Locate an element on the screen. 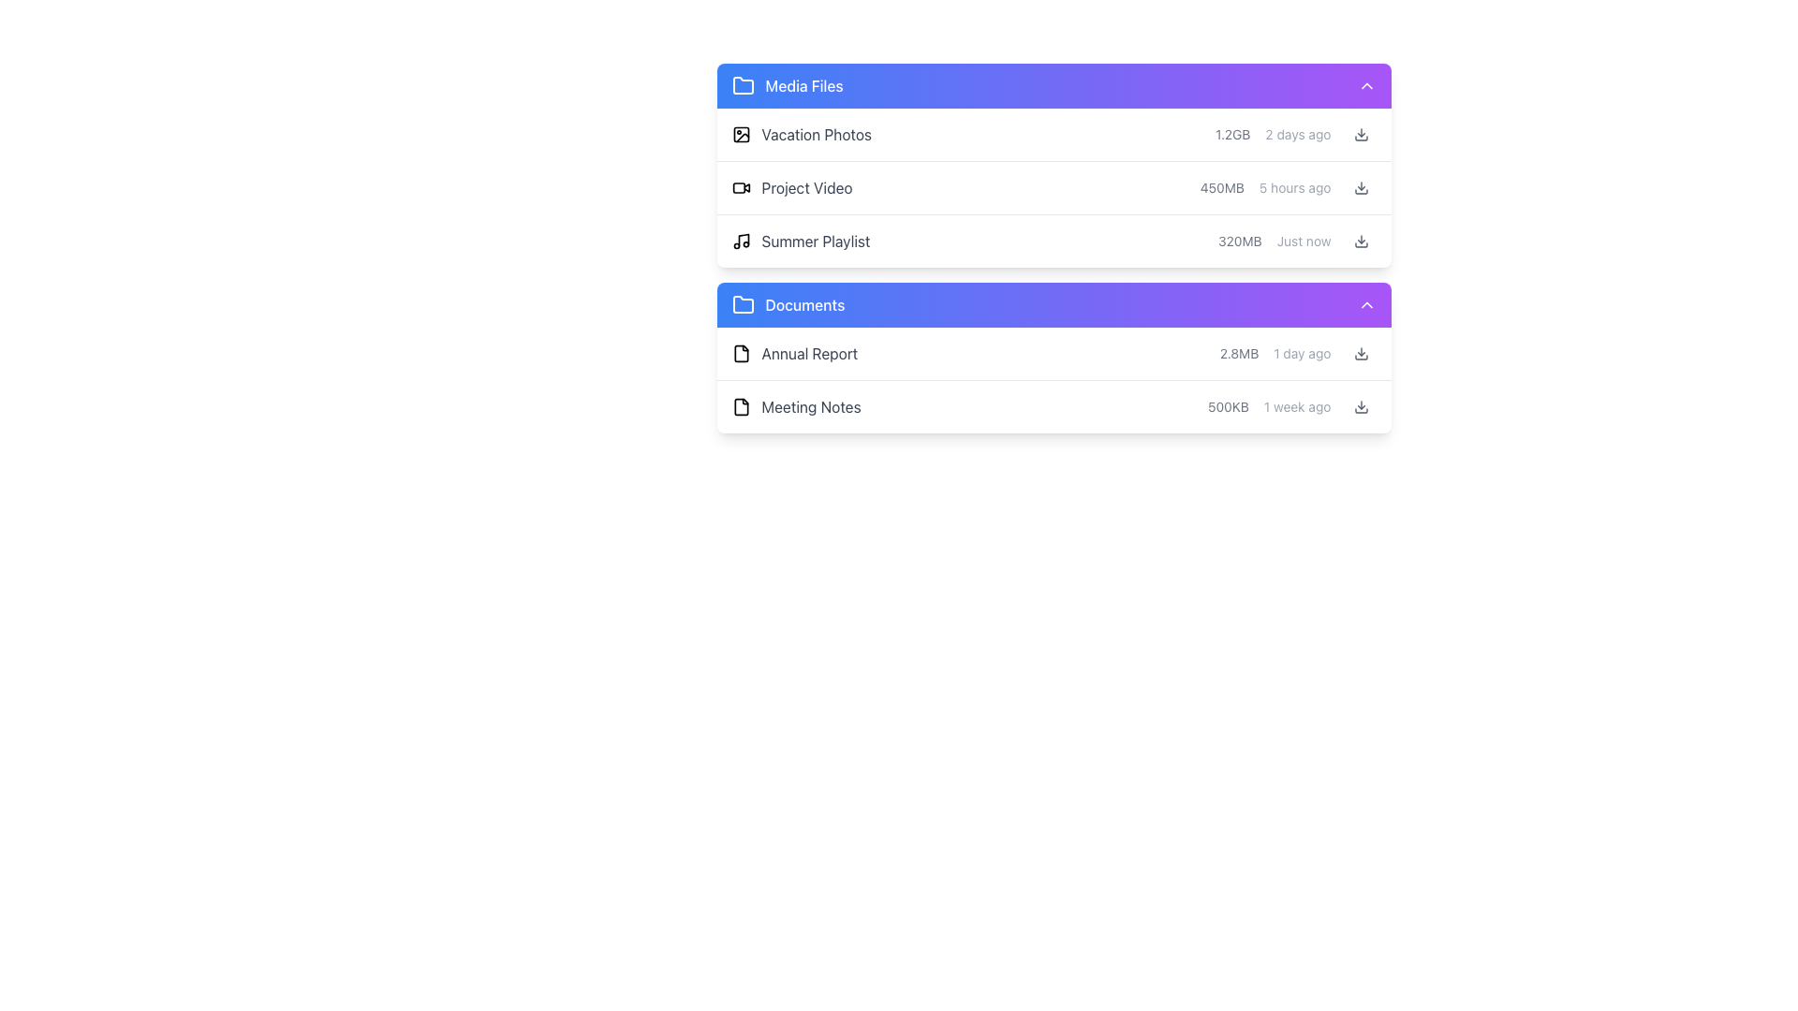  label that identifies the 'Annual Report' in the Documents section, which is the first item listed and aligned to the left of the document icon is located at coordinates (794, 354).